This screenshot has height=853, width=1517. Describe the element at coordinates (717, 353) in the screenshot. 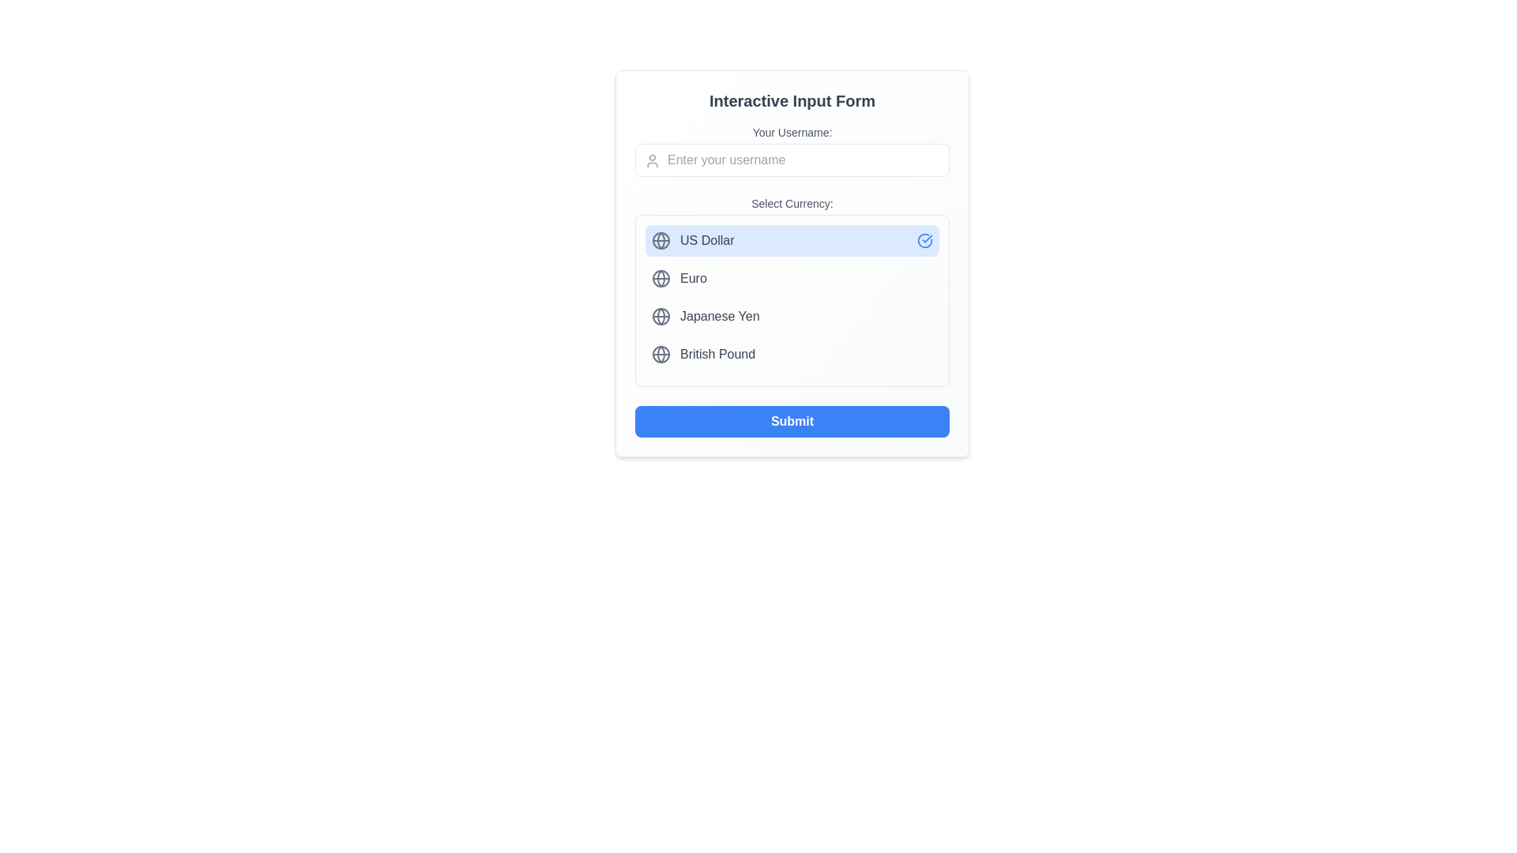

I see `the 'British Pound' currency selection label within the dropdown menu, which is the fourth option in the list` at that location.